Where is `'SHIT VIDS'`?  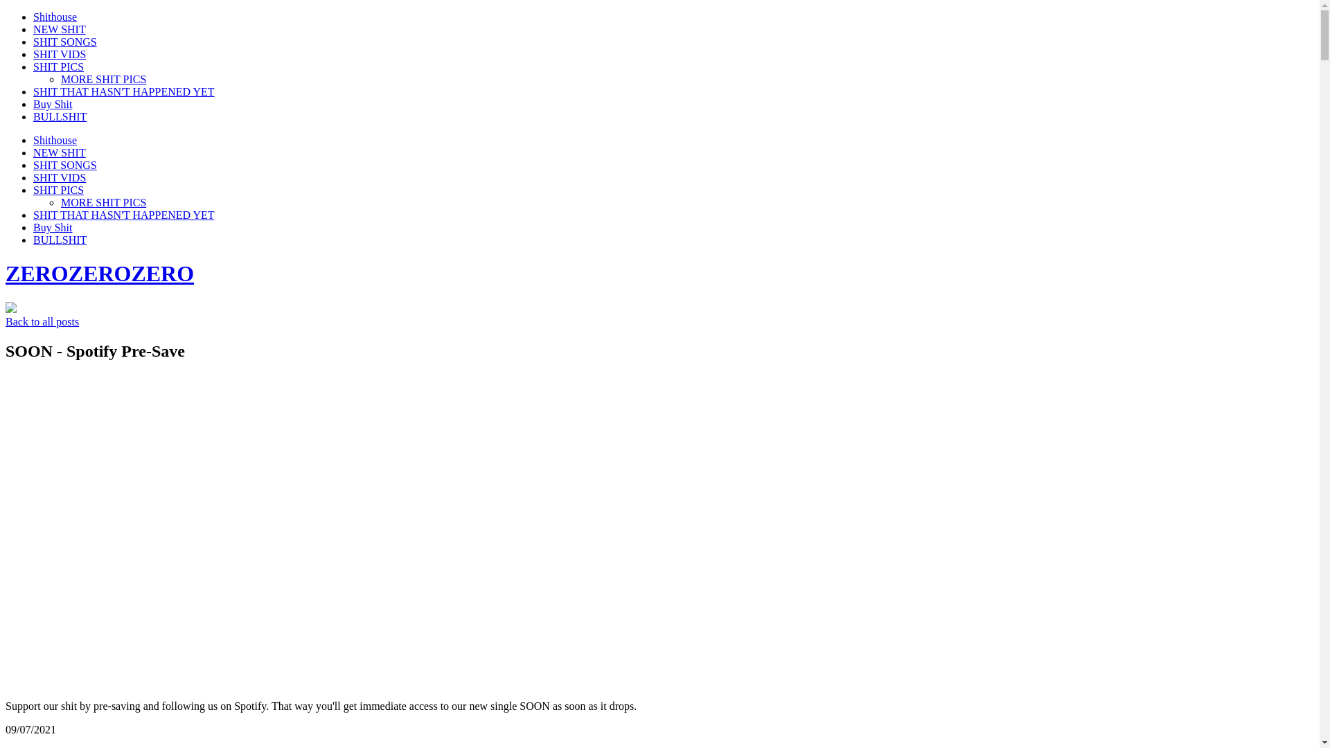
'SHIT VIDS' is located at coordinates (59, 177).